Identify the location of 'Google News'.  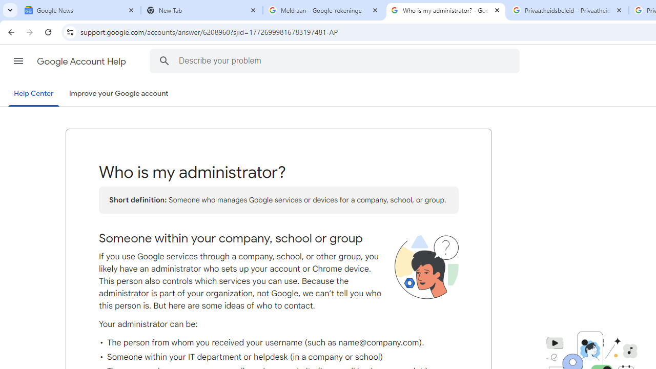
(79, 10).